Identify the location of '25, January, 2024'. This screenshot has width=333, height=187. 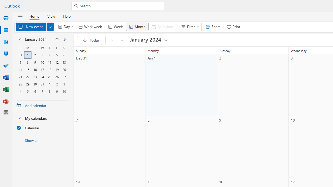
(50, 77).